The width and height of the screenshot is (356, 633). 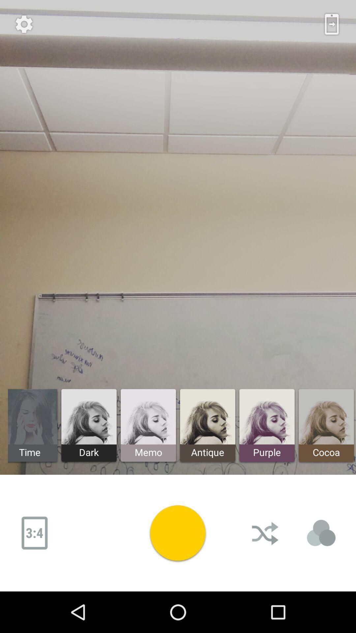 What do you see at coordinates (24, 24) in the screenshot?
I see `settings` at bounding box center [24, 24].